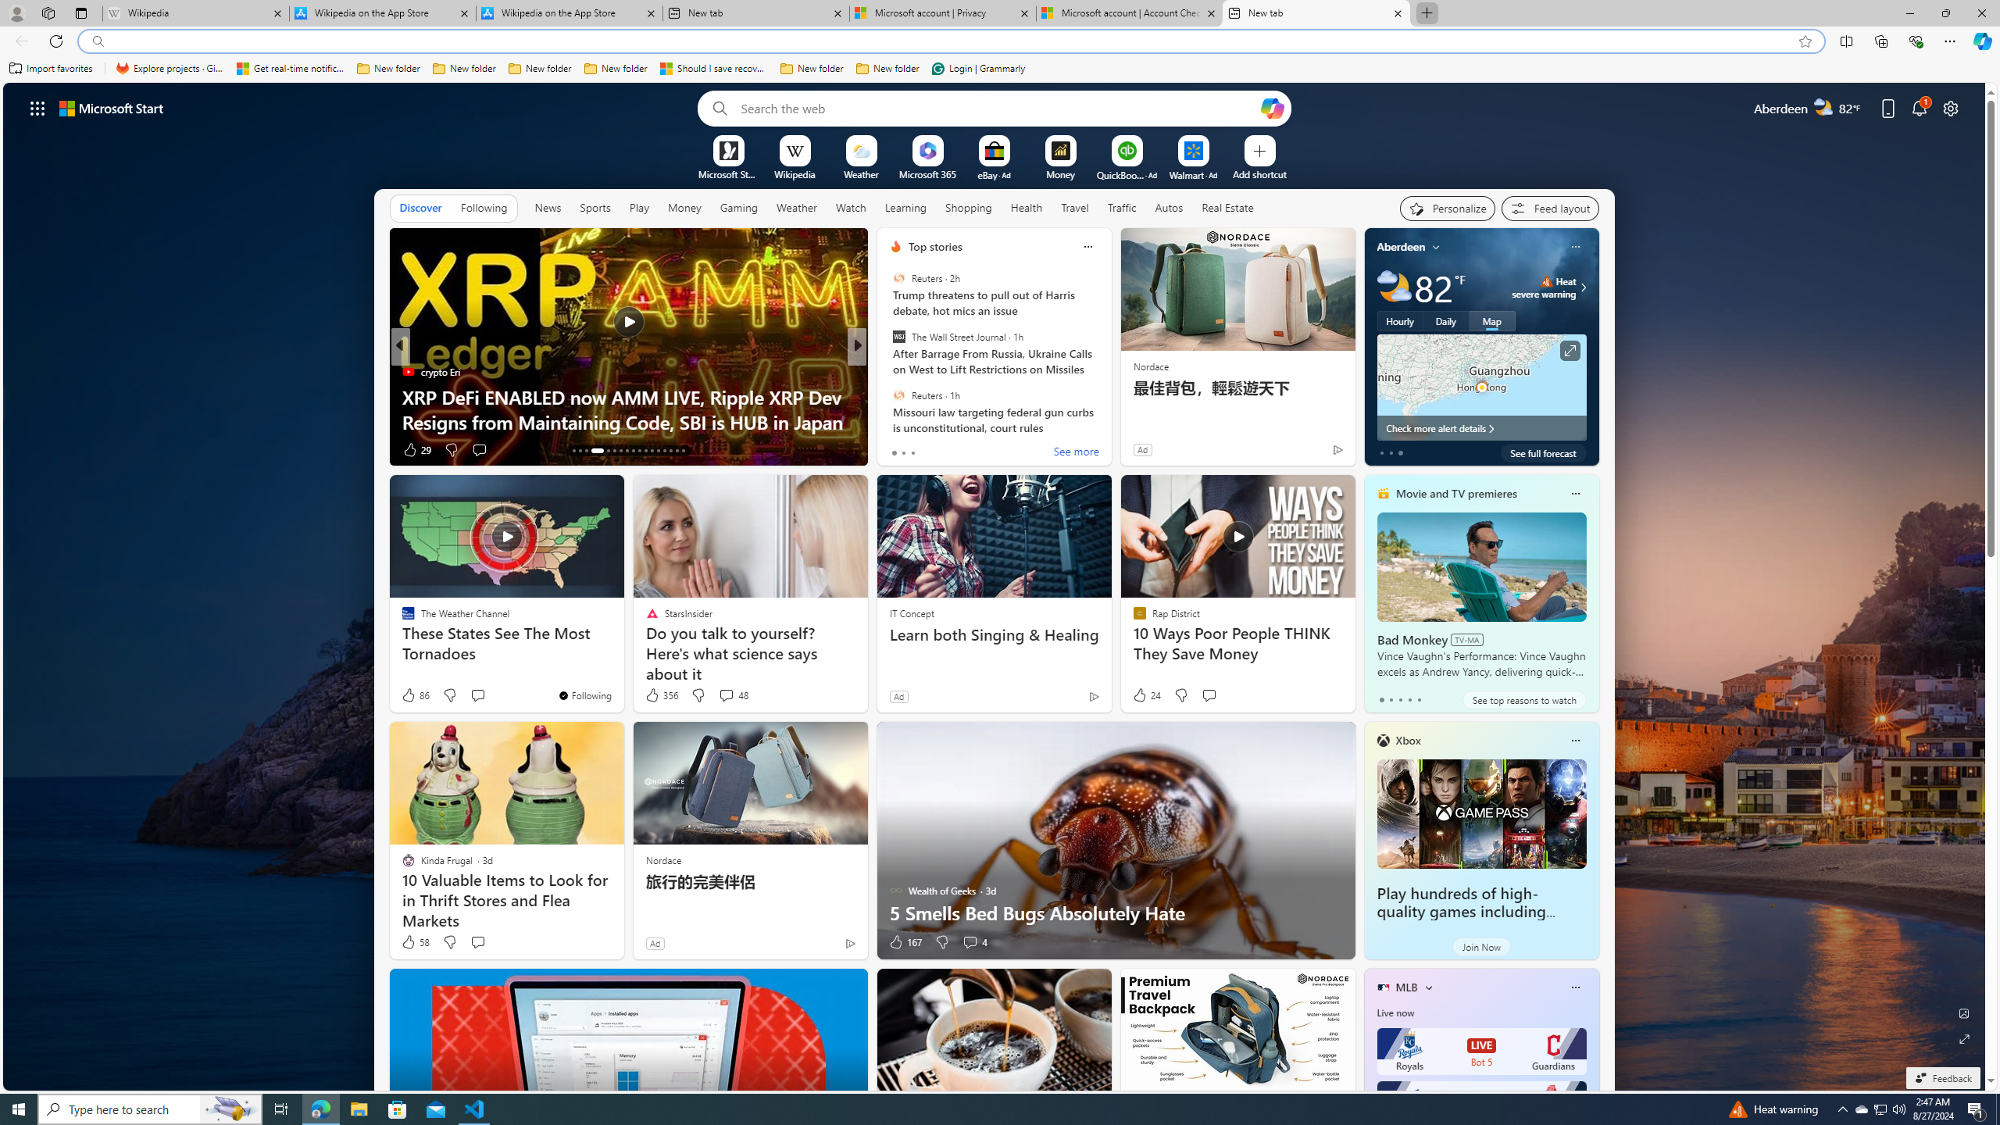 The width and height of the screenshot is (2000, 1125). What do you see at coordinates (414, 694) in the screenshot?
I see `'86 Like'` at bounding box center [414, 694].